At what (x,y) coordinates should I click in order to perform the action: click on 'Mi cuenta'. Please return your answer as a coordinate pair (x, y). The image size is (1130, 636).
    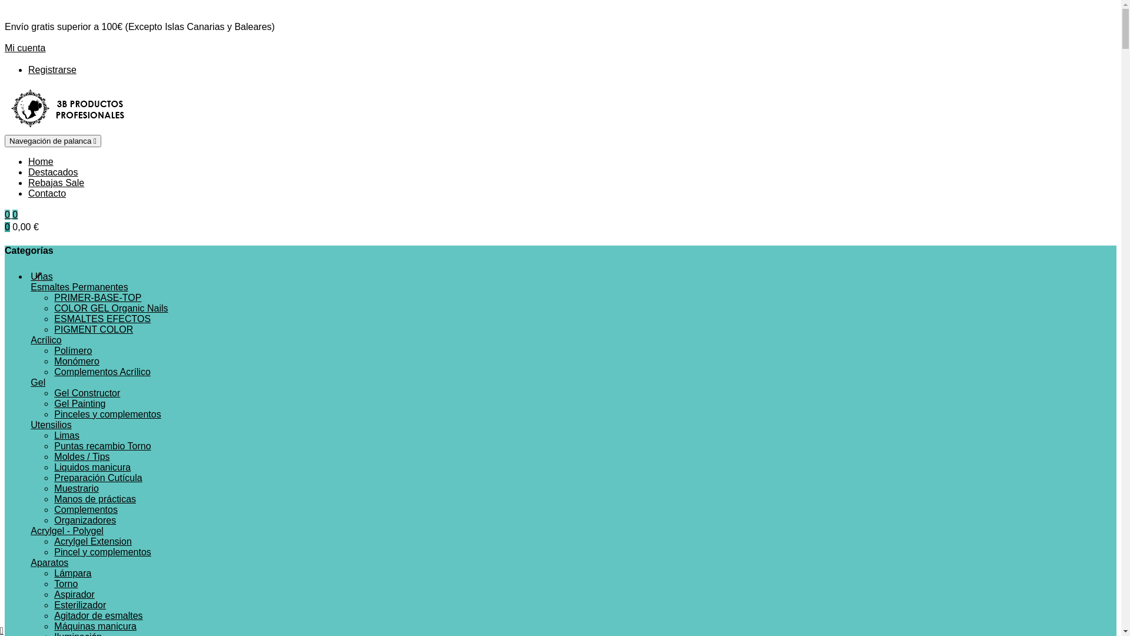
    Looking at the image, I should click on (25, 47).